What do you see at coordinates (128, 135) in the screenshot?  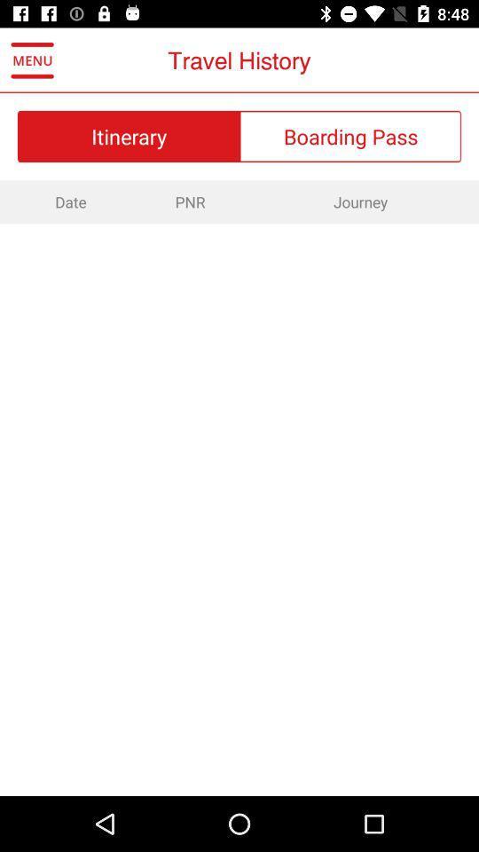 I see `the itinerary` at bounding box center [128, 135].